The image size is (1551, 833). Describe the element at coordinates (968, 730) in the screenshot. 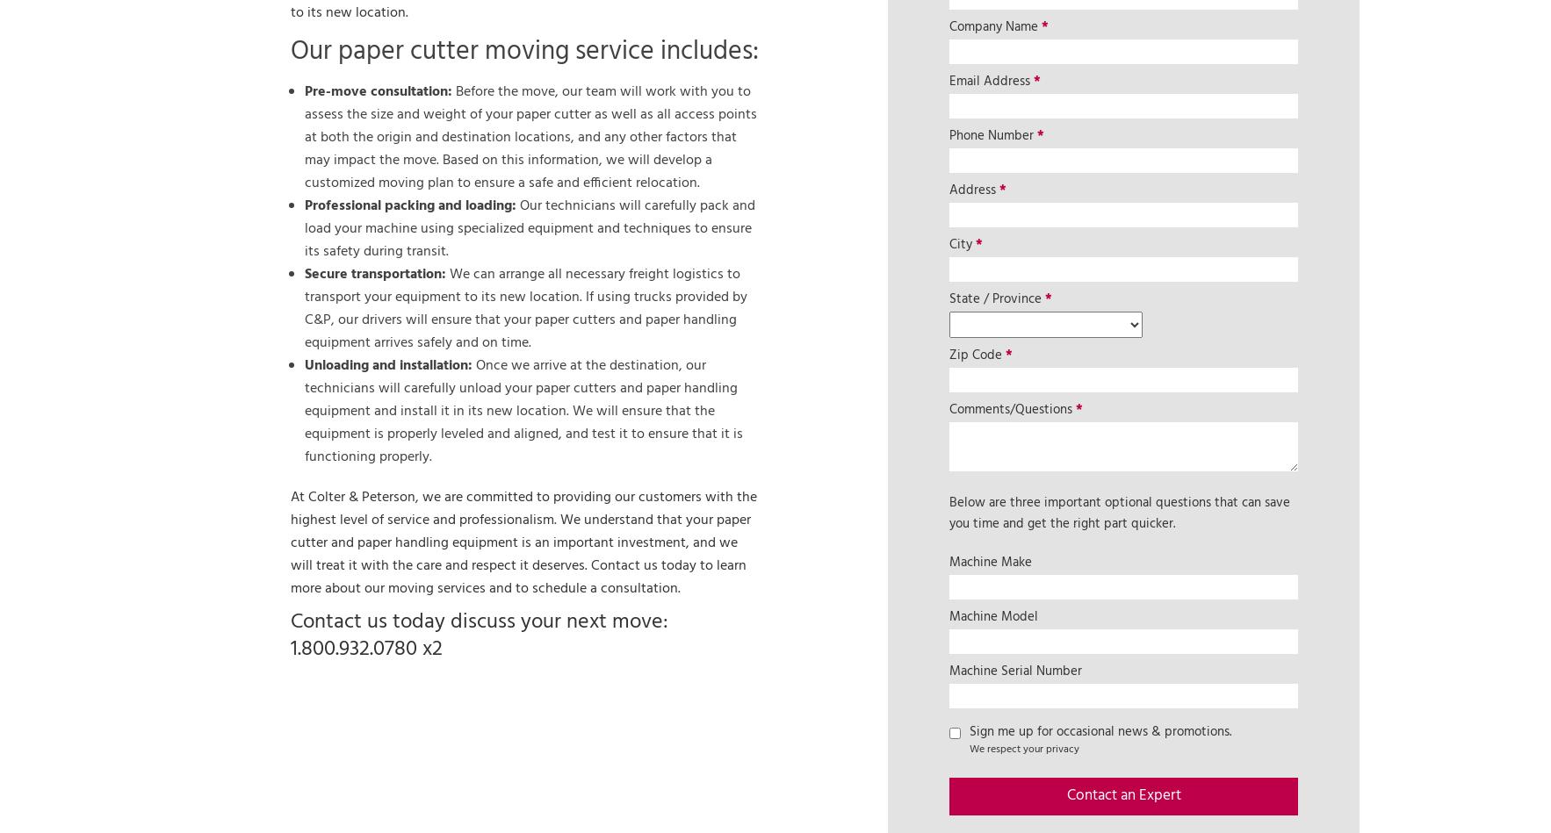

I see `'Sign me up for occasional news & promotions.'` at that location.